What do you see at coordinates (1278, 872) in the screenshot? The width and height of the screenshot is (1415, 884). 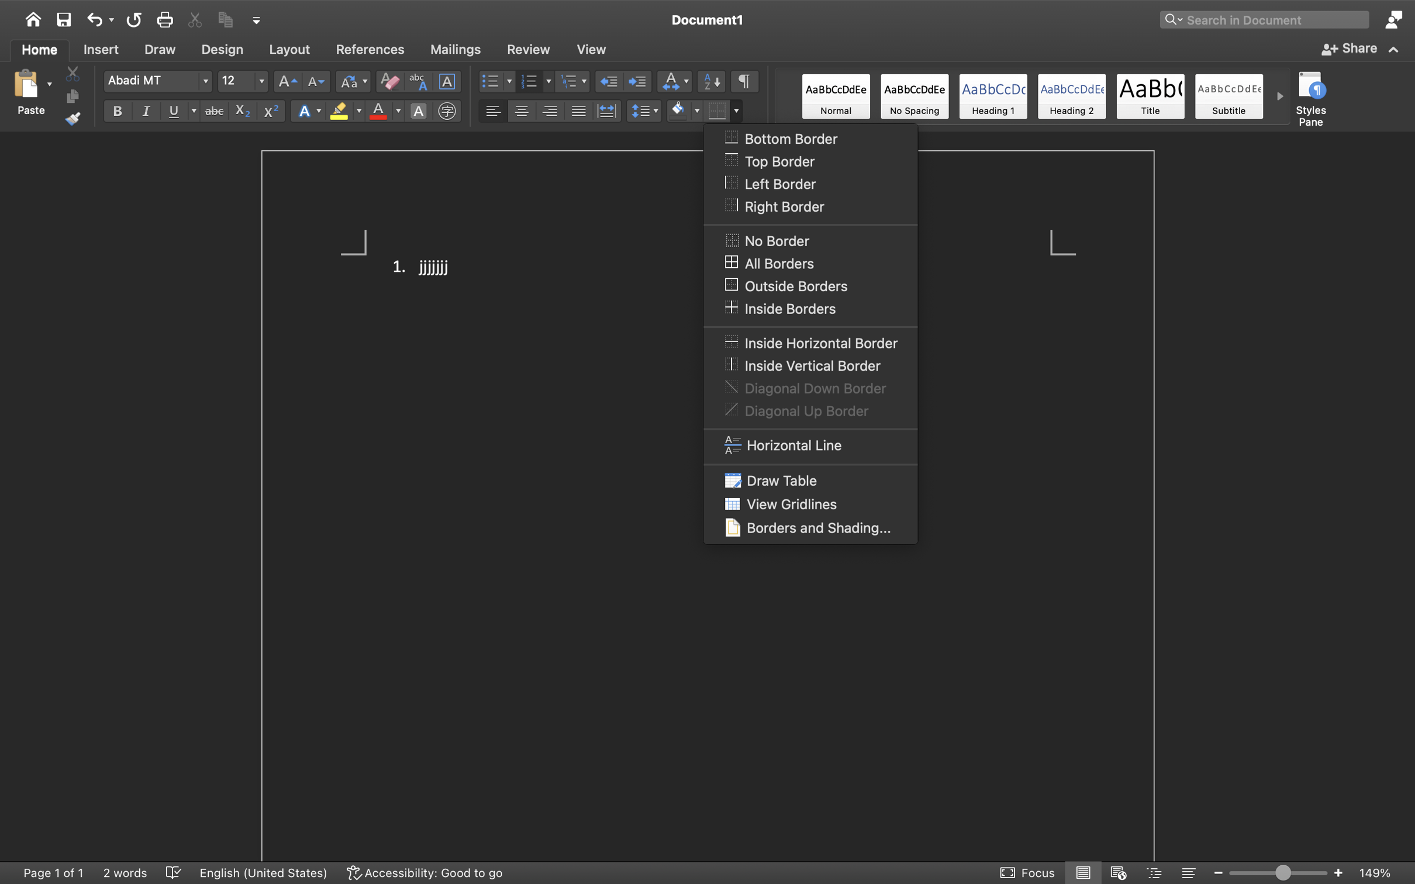 I see `'1123.0'` at bounding box center [1278, 872].